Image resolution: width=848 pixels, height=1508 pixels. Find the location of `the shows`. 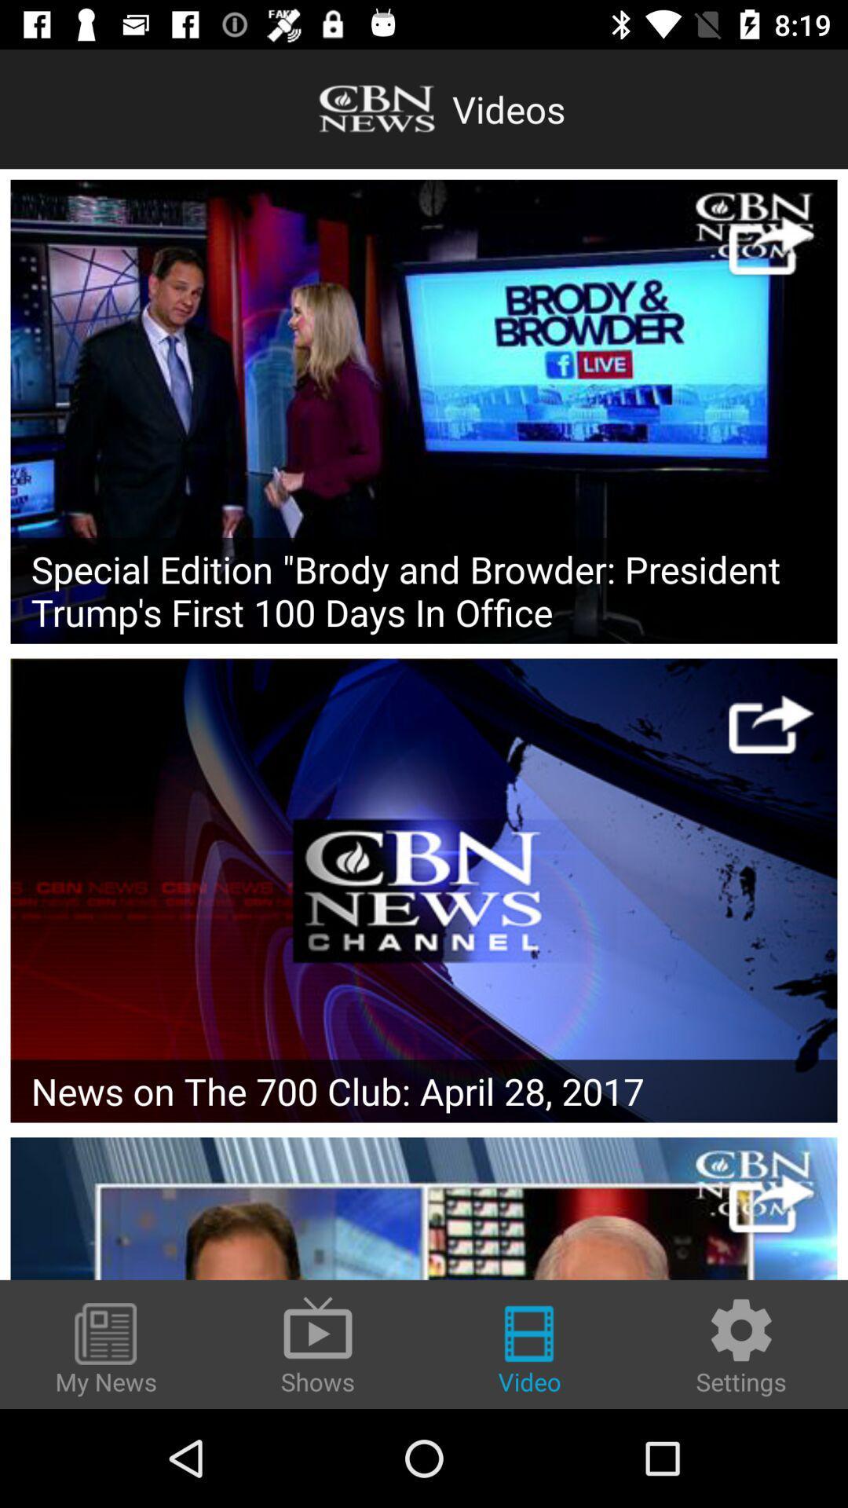

the shows is located at coordinates (318, 1343).